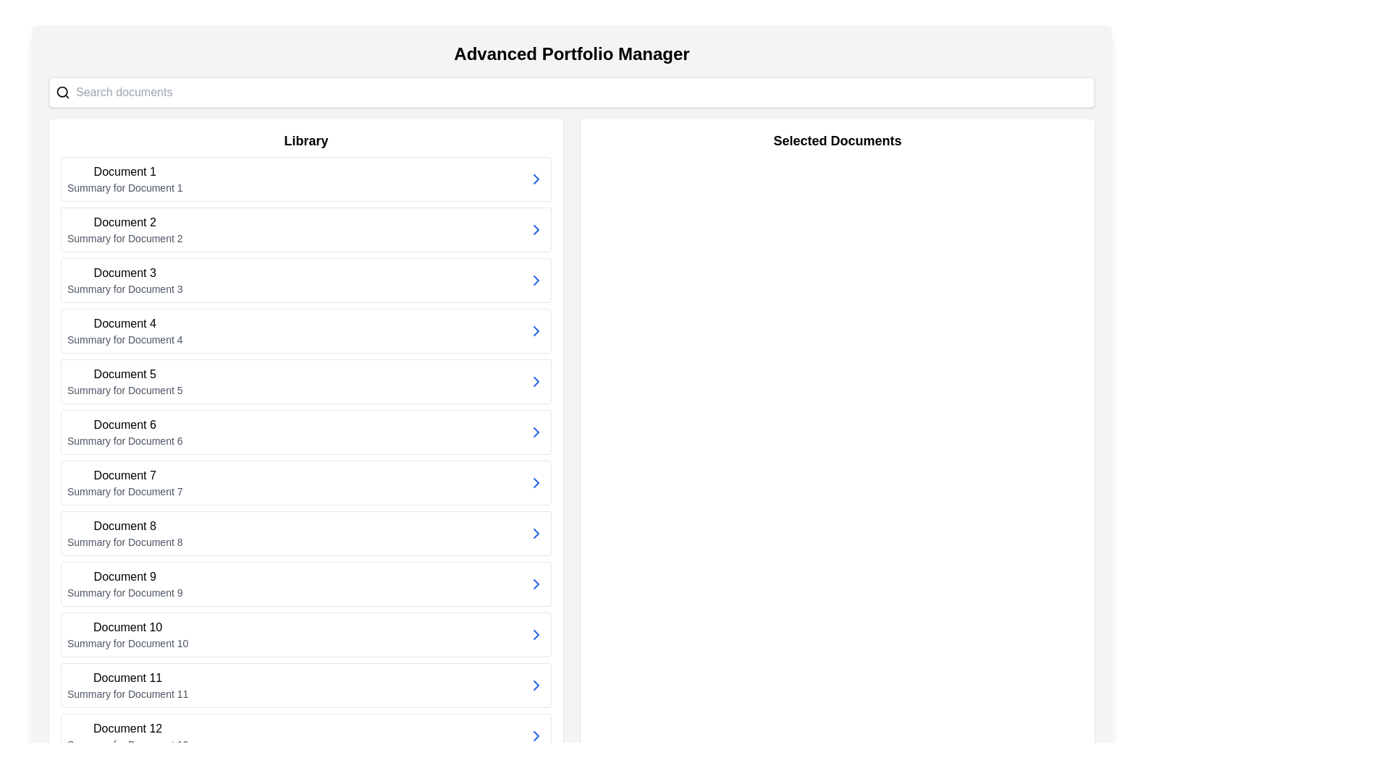 The image size is (1390, 781). I want to click on the main title text label of the 12th list item in the left-side library section, which is located above the summary text 'Summary for Document 12', so click(127, 728).